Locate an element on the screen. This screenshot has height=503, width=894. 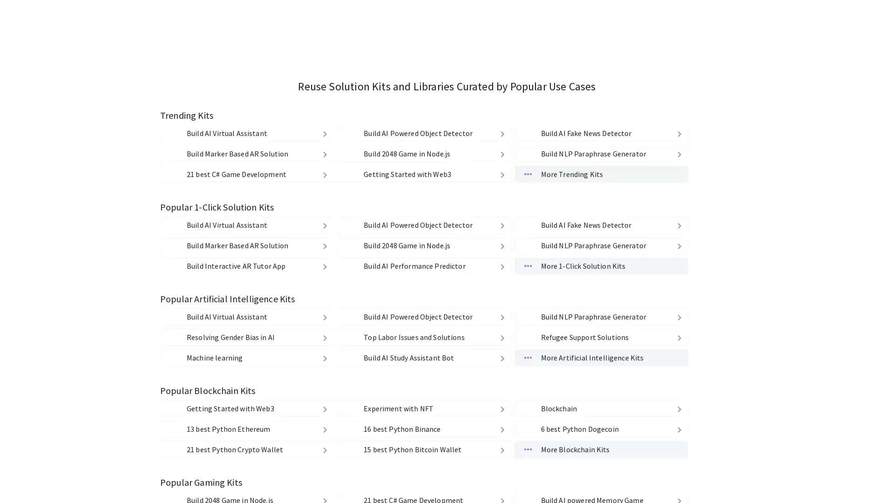
delete is located at coordinates (679, 480).